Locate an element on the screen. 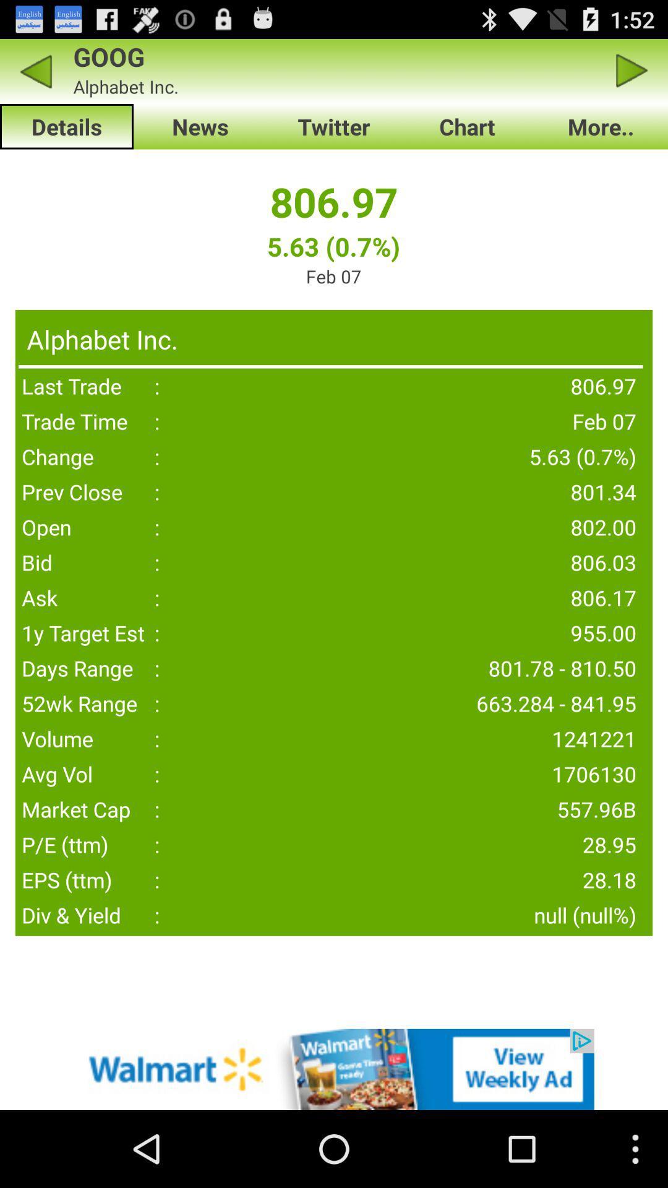 Image resolution: width=668 pixels, height=1188 pixels. advertisement page is located at coordinates (334, 1069).